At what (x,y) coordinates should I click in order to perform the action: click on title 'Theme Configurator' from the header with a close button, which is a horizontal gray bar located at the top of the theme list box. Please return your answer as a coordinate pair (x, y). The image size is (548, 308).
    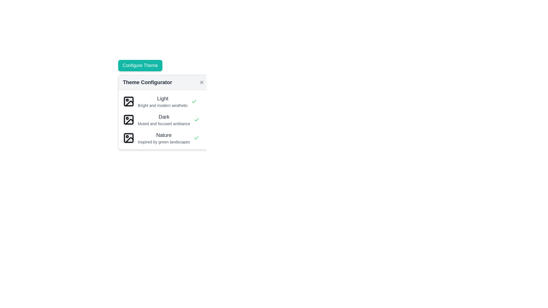
    Looking at the image, I should click on (163, 82).